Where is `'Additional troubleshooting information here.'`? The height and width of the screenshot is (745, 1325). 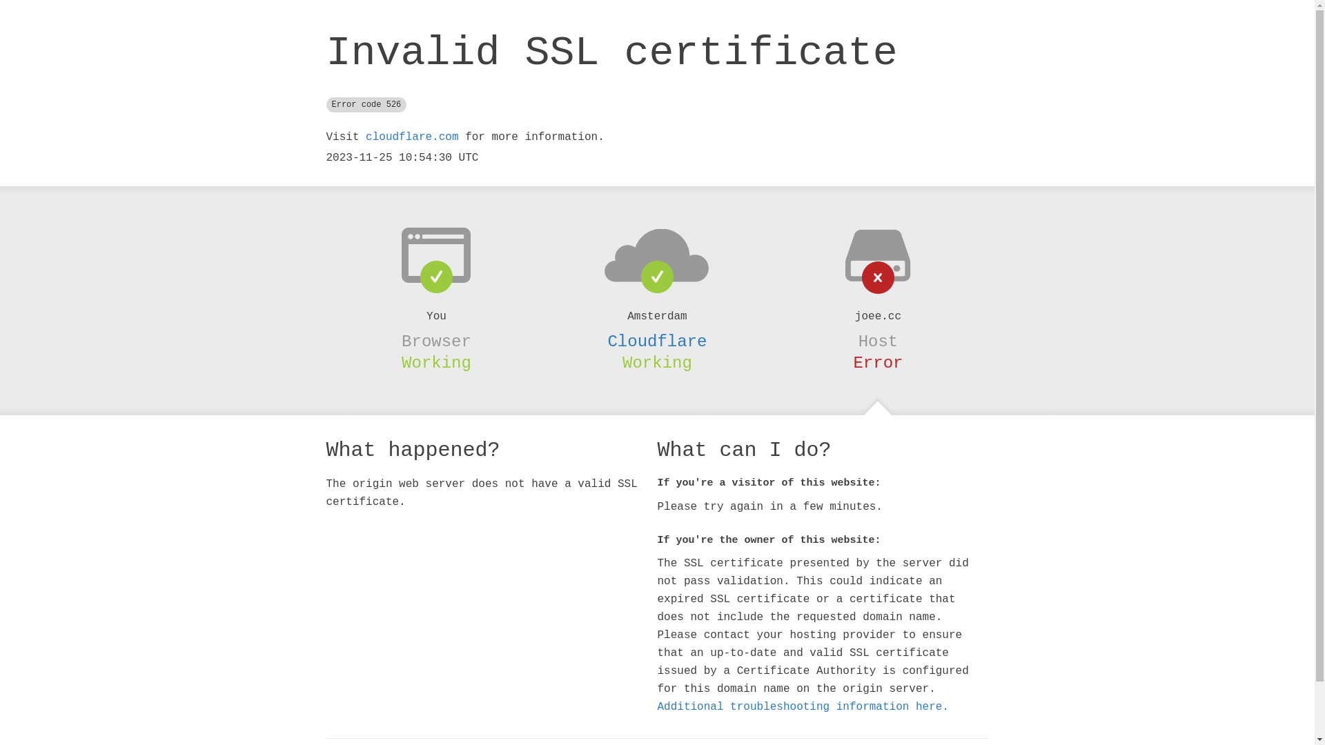
'Additional troubleshooting information here.' is located at coordinates (802, 707).